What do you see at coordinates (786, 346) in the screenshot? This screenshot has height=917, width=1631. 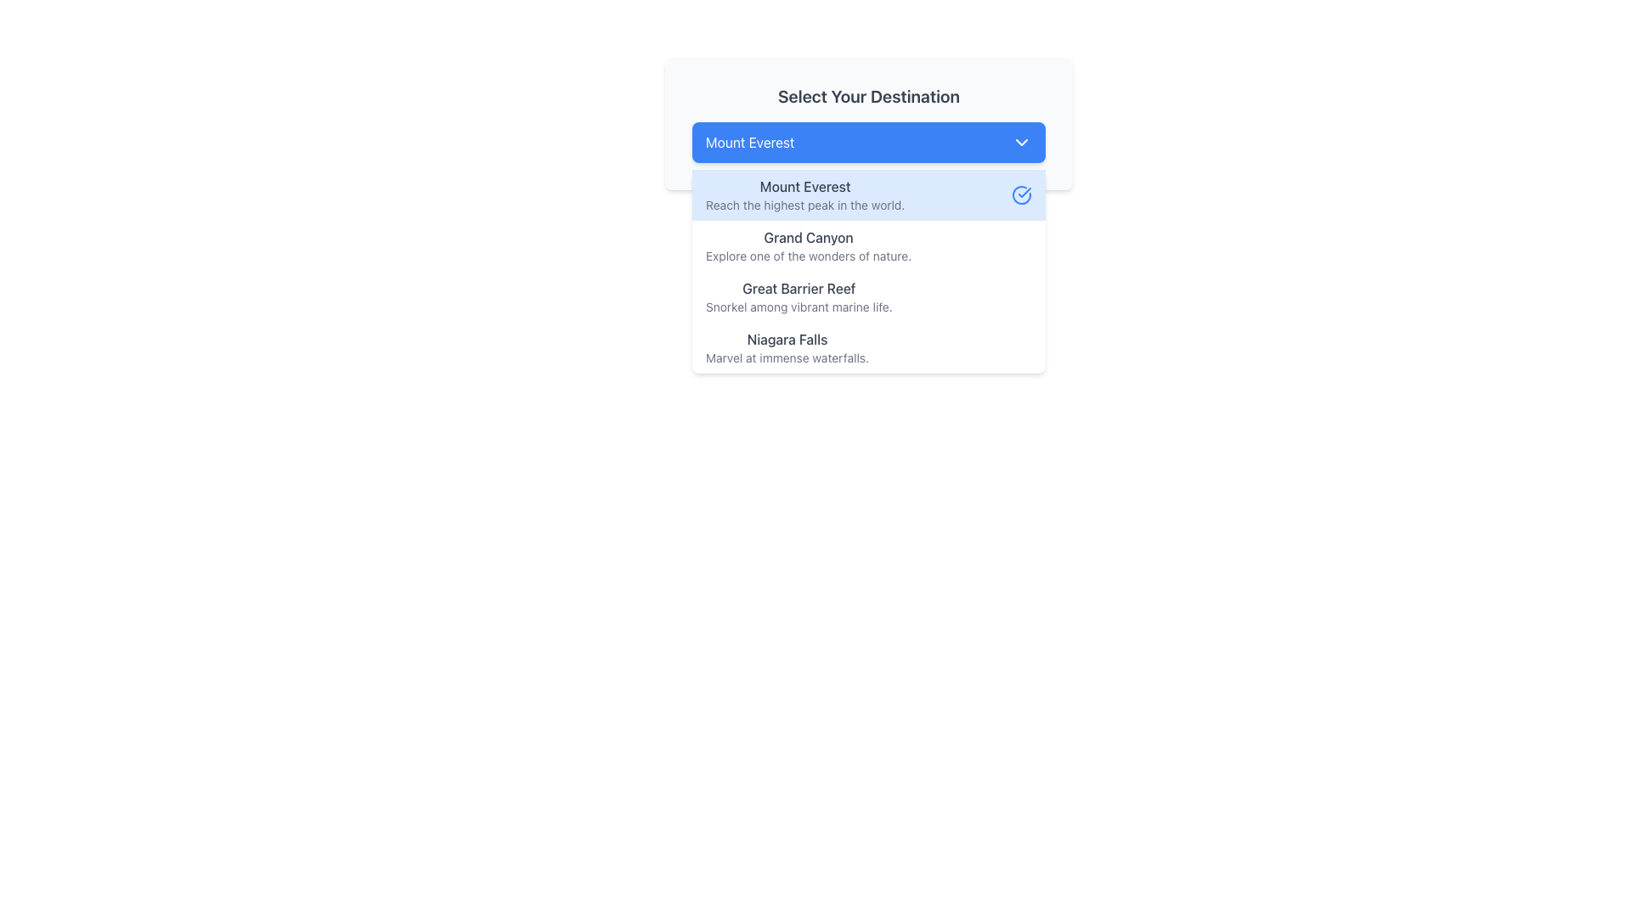 I see `the text label 'Niagara Falls'` at bounding box center [786, 346].